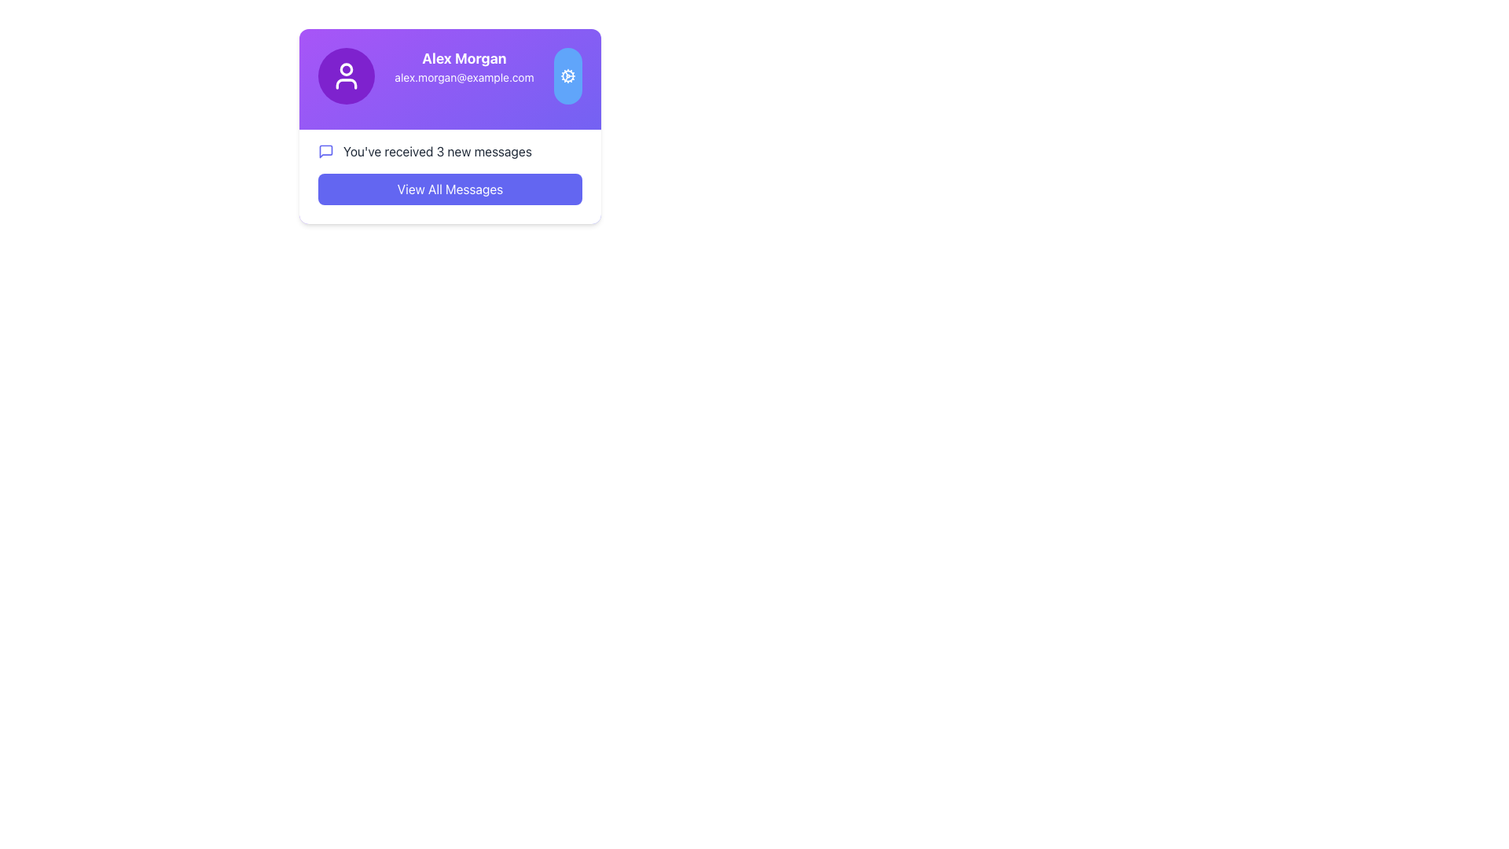  I want to click on the message notification icon located to the left of the text 'You've received 3 new messages' within the notification card, so click(325, 151).